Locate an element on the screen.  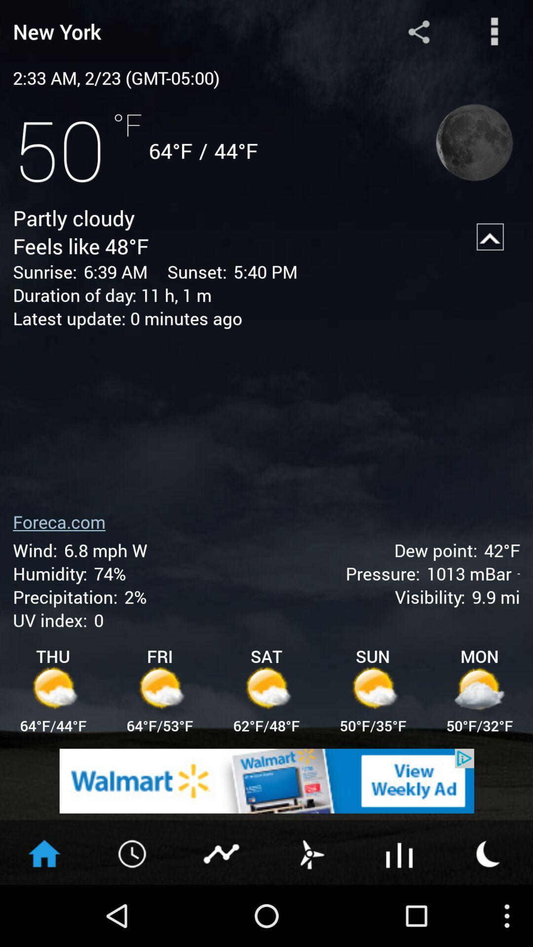
the weather icon is located at coordinates (310, 912).